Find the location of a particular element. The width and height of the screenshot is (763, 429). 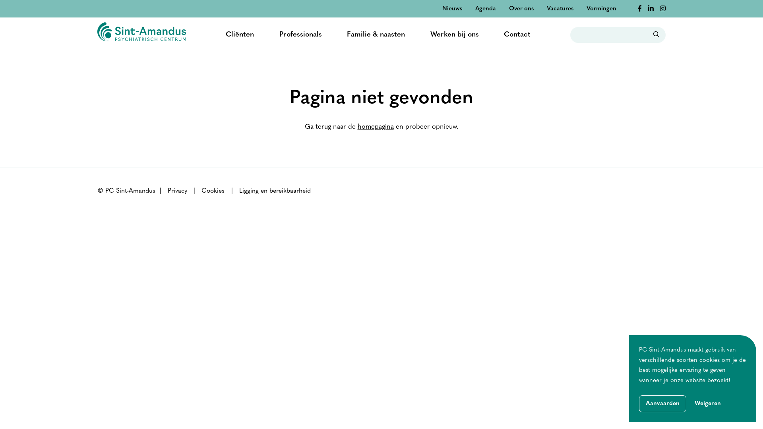

'homepagina' is located at coordinates (375, 126).